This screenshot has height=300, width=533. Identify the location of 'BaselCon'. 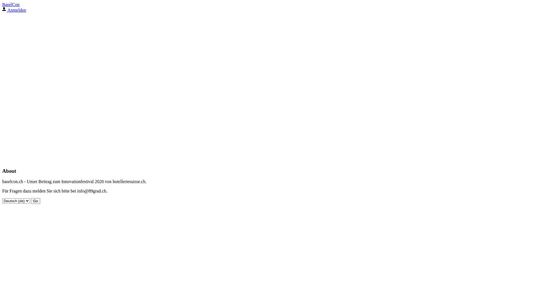
(11, 4).